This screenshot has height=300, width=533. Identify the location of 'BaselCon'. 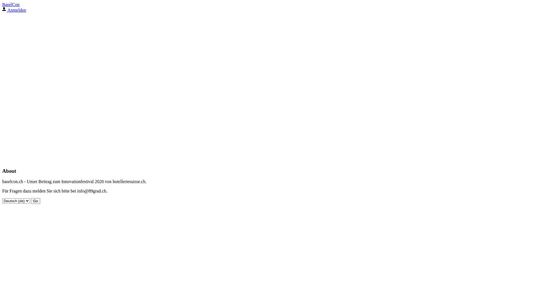
(11, 4).